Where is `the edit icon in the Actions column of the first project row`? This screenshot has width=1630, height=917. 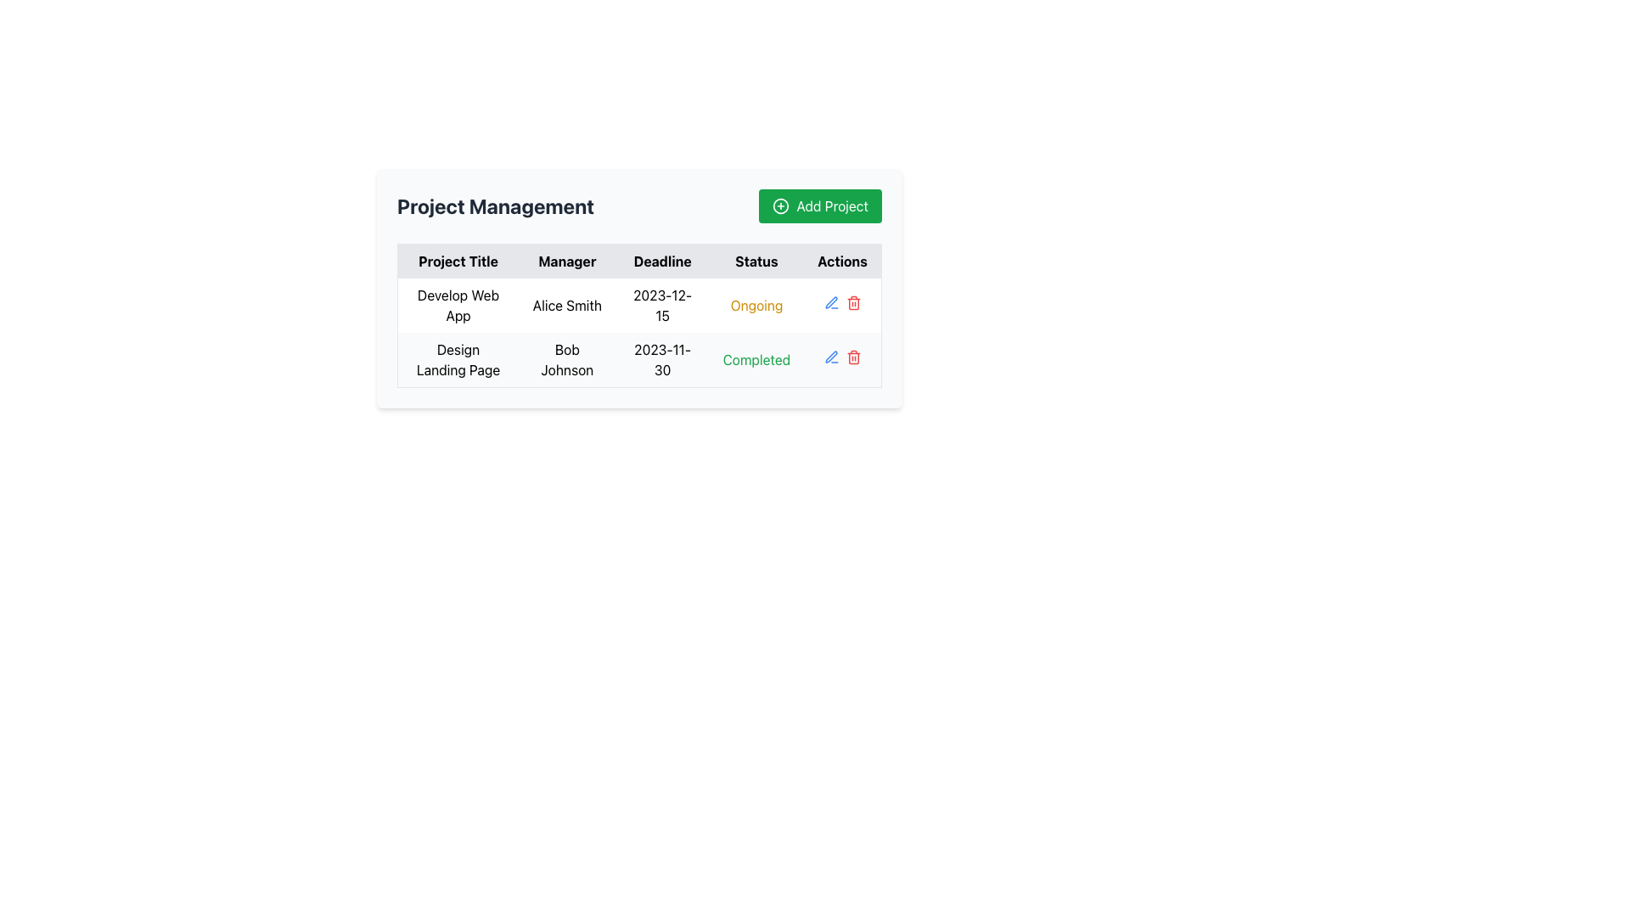 the edit icon in the Actions column of the first project row is located at coordinates (831, 356).